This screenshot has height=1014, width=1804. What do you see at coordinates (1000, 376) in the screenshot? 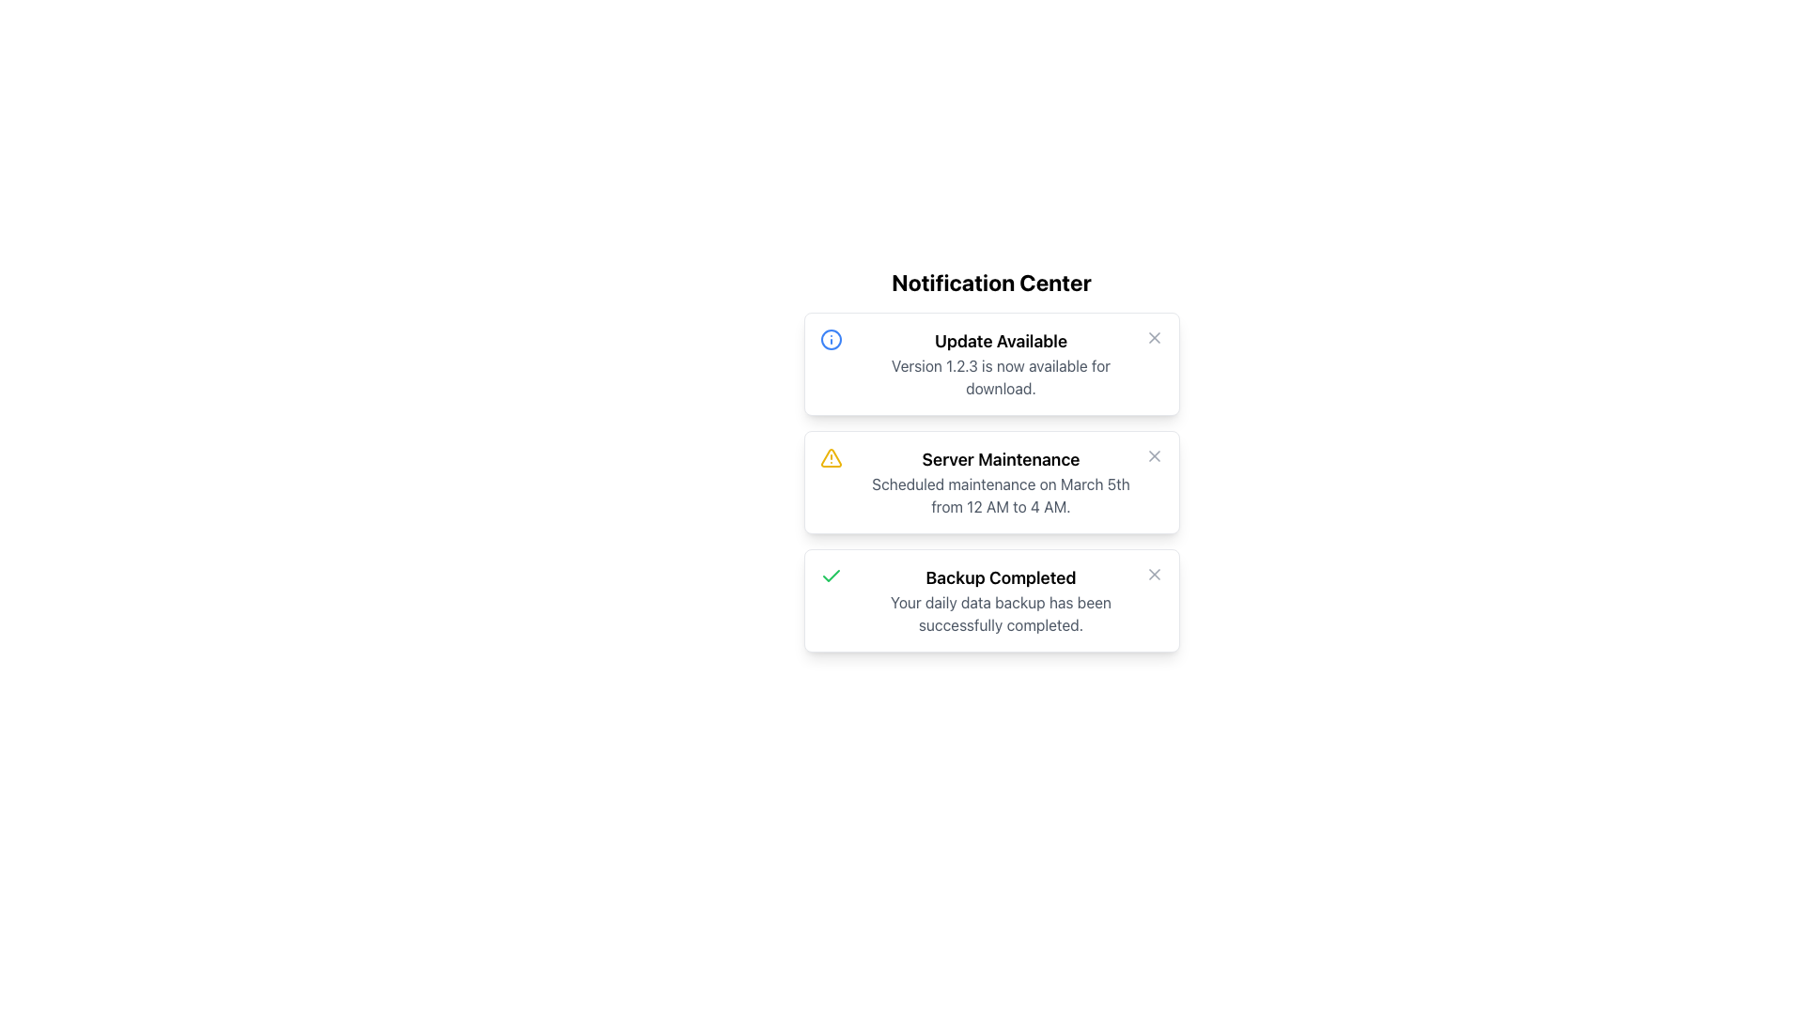
I see `text content that indicates the availability of a new software version ('Version 1.2.3') located in the notification card titled 'Update Available'` at bounding box center [1000, 376].